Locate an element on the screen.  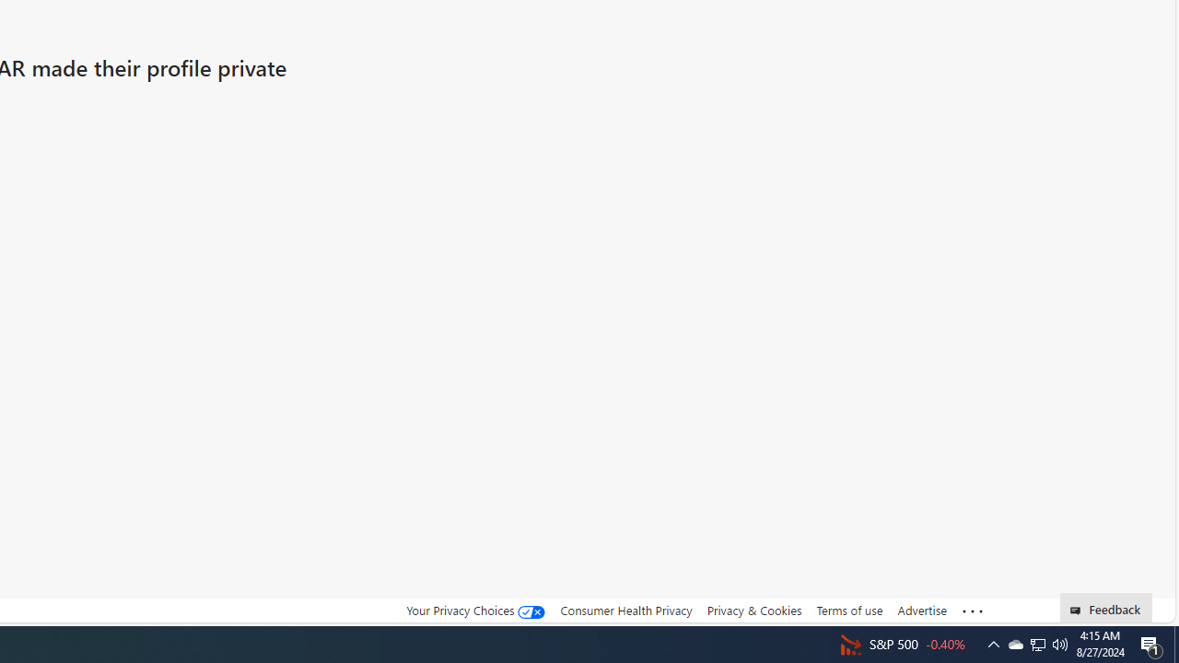
'Your Privacy Choices' is located at coordinates (476, 610).